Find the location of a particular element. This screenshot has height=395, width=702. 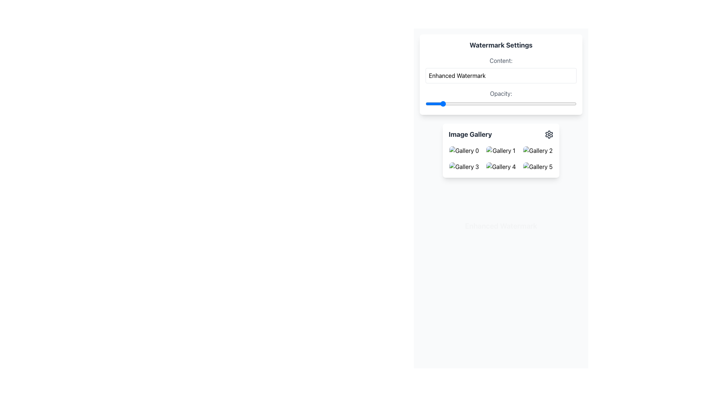

the image element displaying the placeholder icon with 'Gallery 3' text, located in the first column of the second row in the 'Image Gallery' section under the 'Watermark Settings' panel is located at coordinates (464, 166).